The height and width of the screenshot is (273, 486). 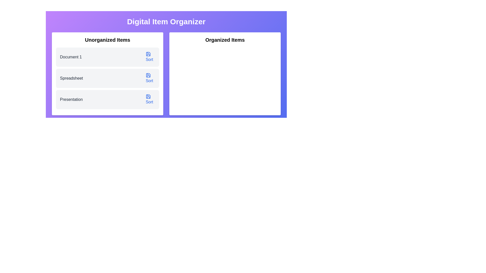 What do you see at coordinates (148, 54) in the screenshot?
I see `the encompassing button associated with the decorative icon indicating a save or sort operation, which is part of the 'Sort' button near the 'Document 1' item in the 'Unorganized Items' section` at bounding box center [148, 54].